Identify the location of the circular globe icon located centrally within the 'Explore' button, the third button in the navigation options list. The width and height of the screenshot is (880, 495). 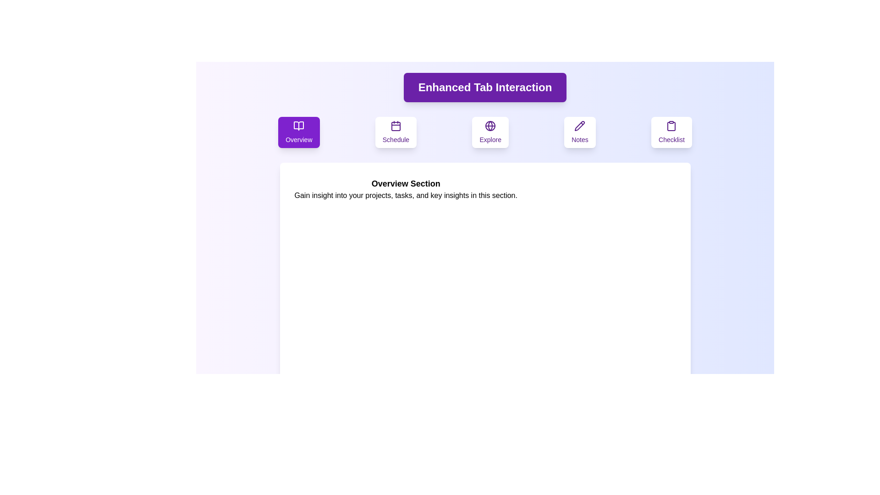
(490, 126).